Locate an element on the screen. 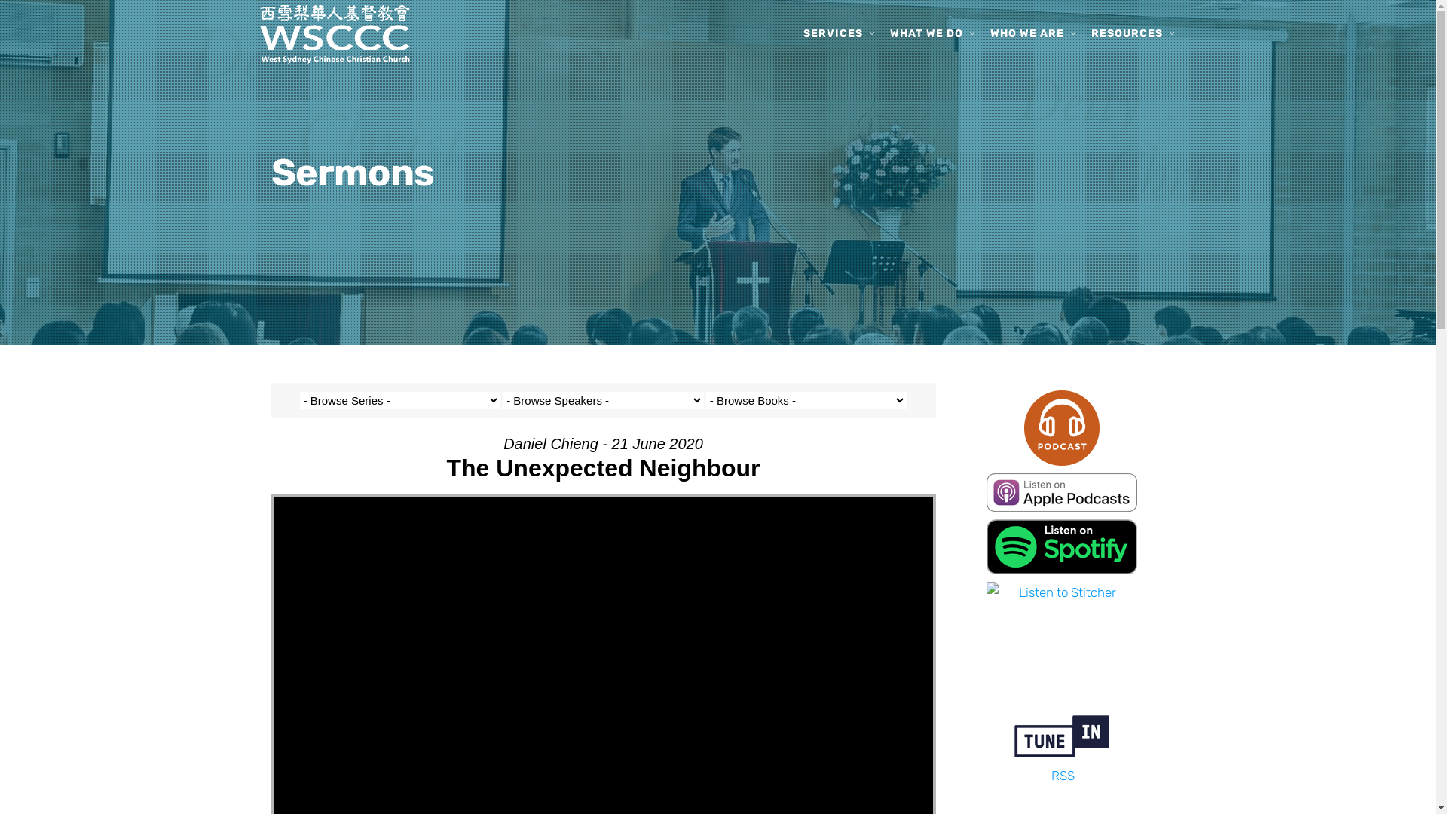  'Podcast-Icon-01-01' is located at coordinates (1060, 427).